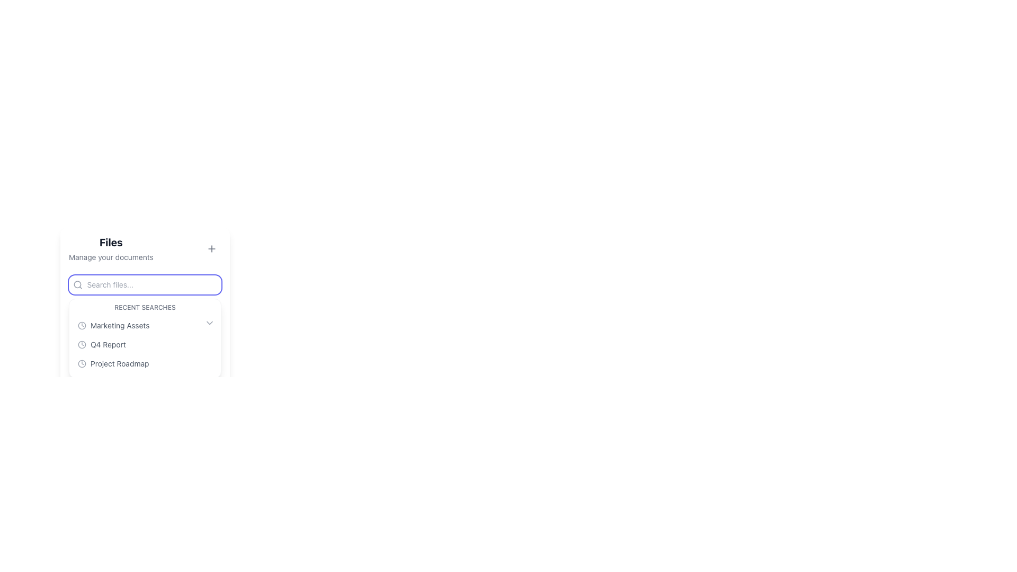 The width and height of the screenshot is (1017, 572). What do you see at coordinates (144, 325) in the screenshot?
I see `the interactive list item labeled 'Marketing Assets'` at bounding box center [144, 325].